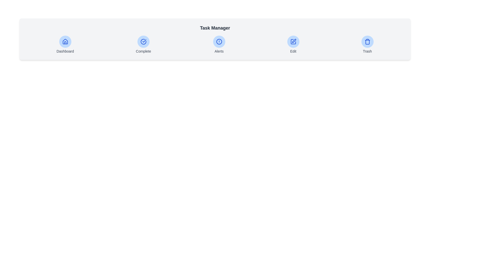 The height and width of the screenshot is (273, 486). What do you see at coordinates (143, 51) in the screenshot?
I see `the text label that displays the word 'Complete', which is styled in a small gray font and located beneath a circular blue check mark icon` at bounding box center [143, 51].